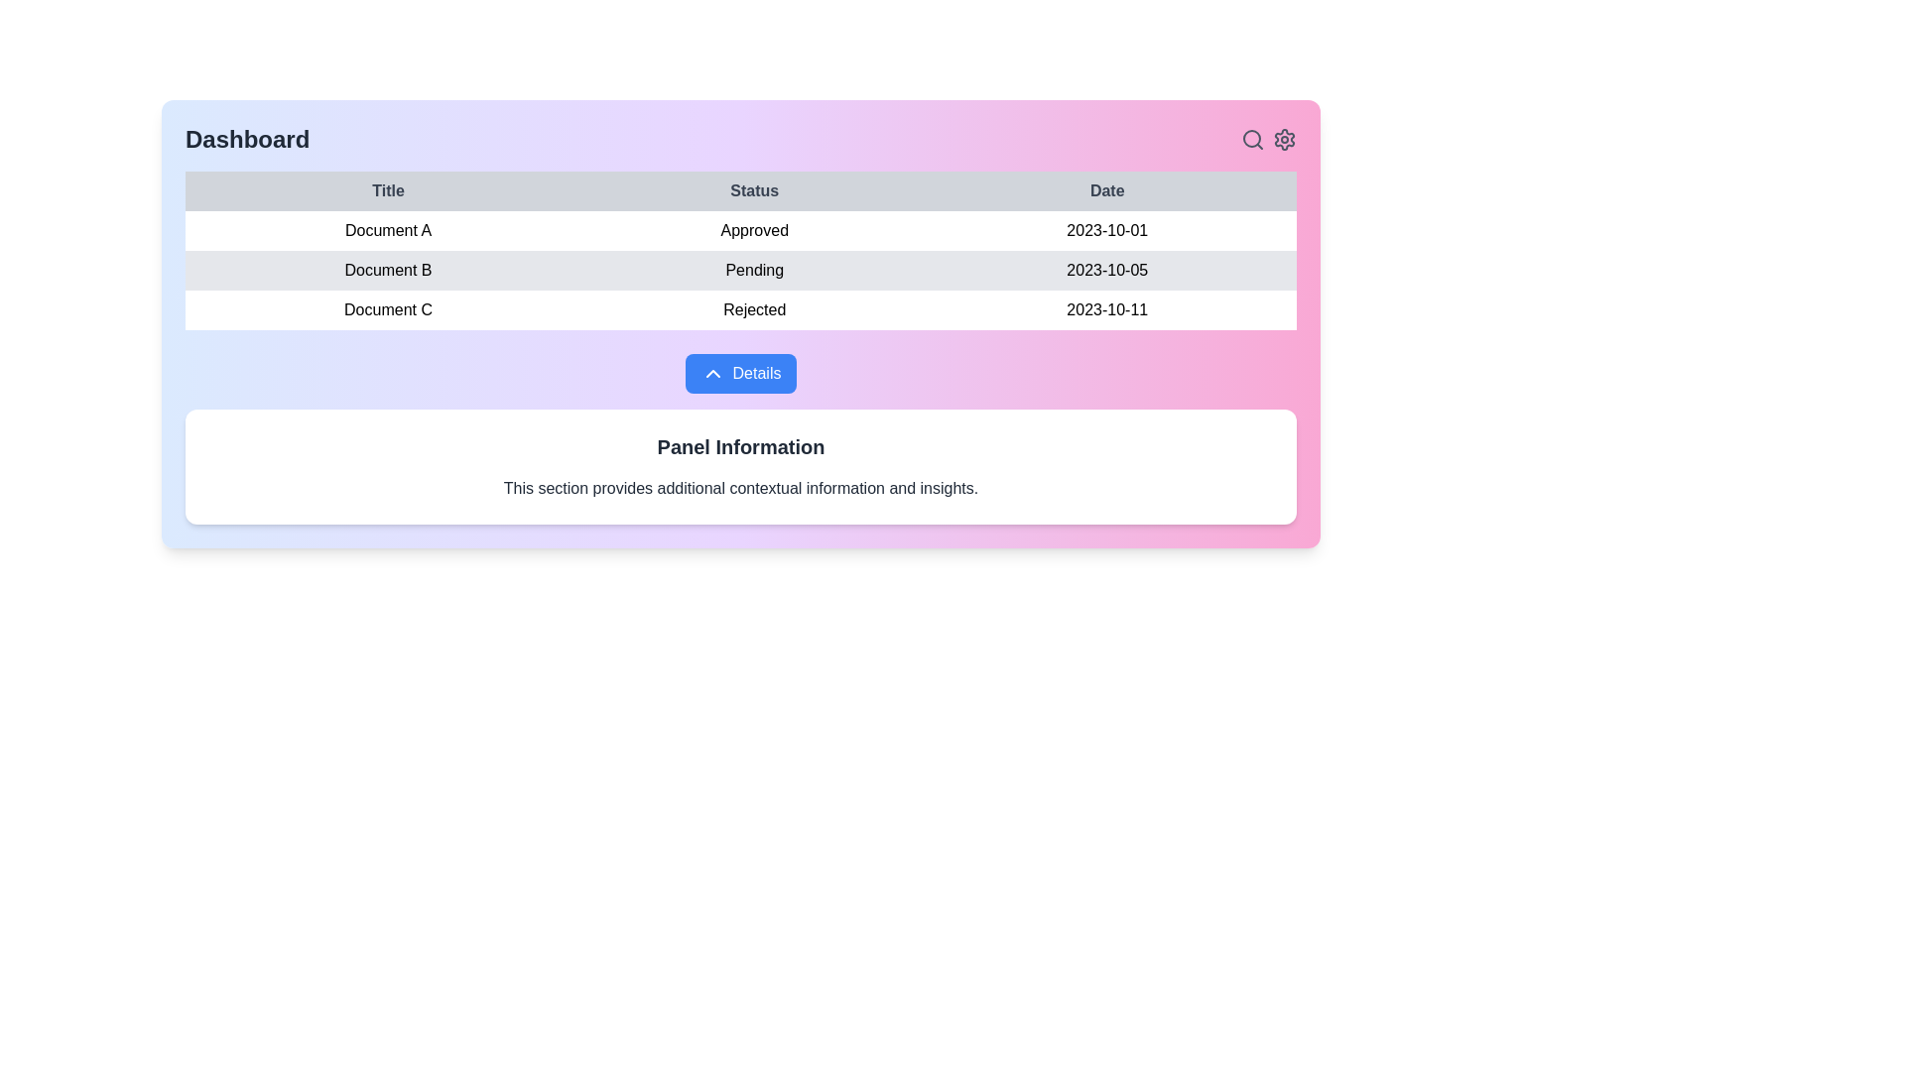  Describe the element at coordinates (1285, 139) in the screenshot. I see `the gear icon button located` at that location.